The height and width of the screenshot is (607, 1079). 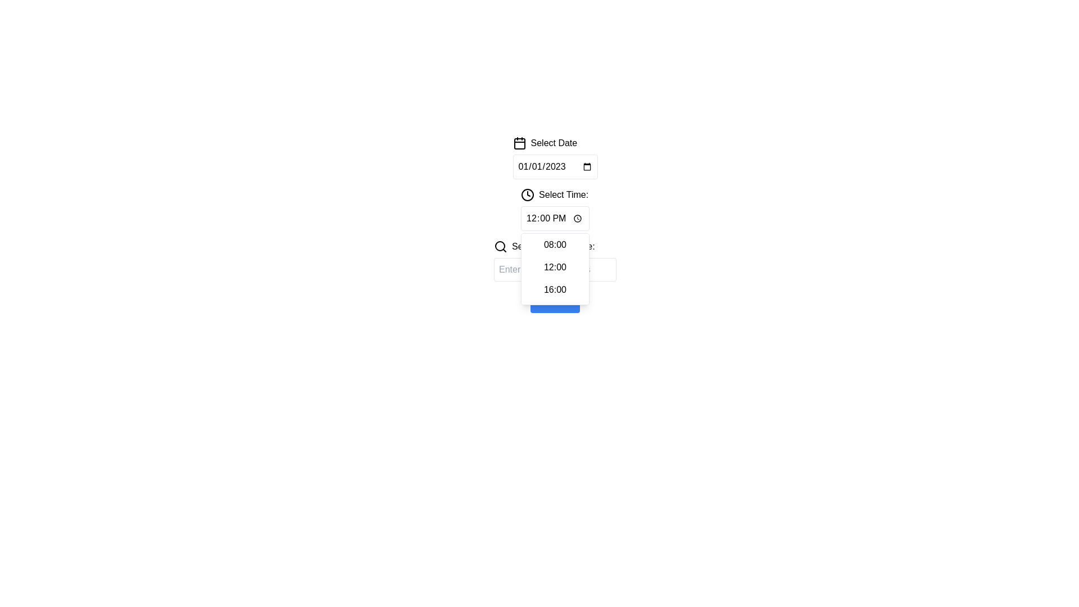 I want to click on the confirm button located beneath the 'Search Date & Time:' text field, which triggers a submission process, so click(x=555, y=301).